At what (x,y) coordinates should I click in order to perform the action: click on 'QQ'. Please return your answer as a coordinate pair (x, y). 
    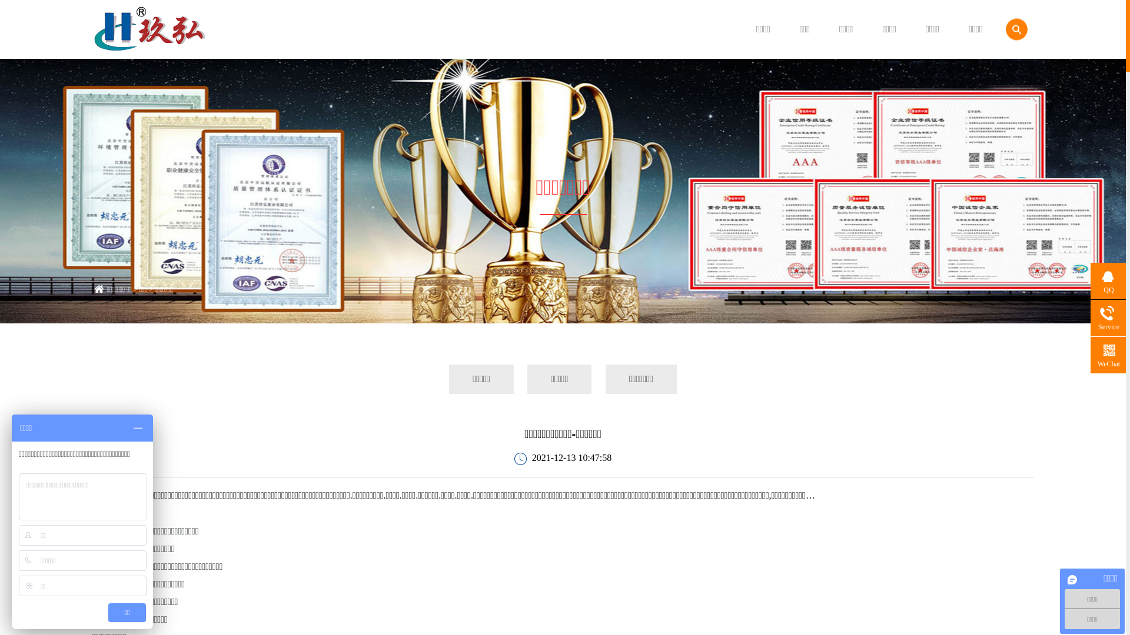
    Looking at the image, I should click on (1108, 282).